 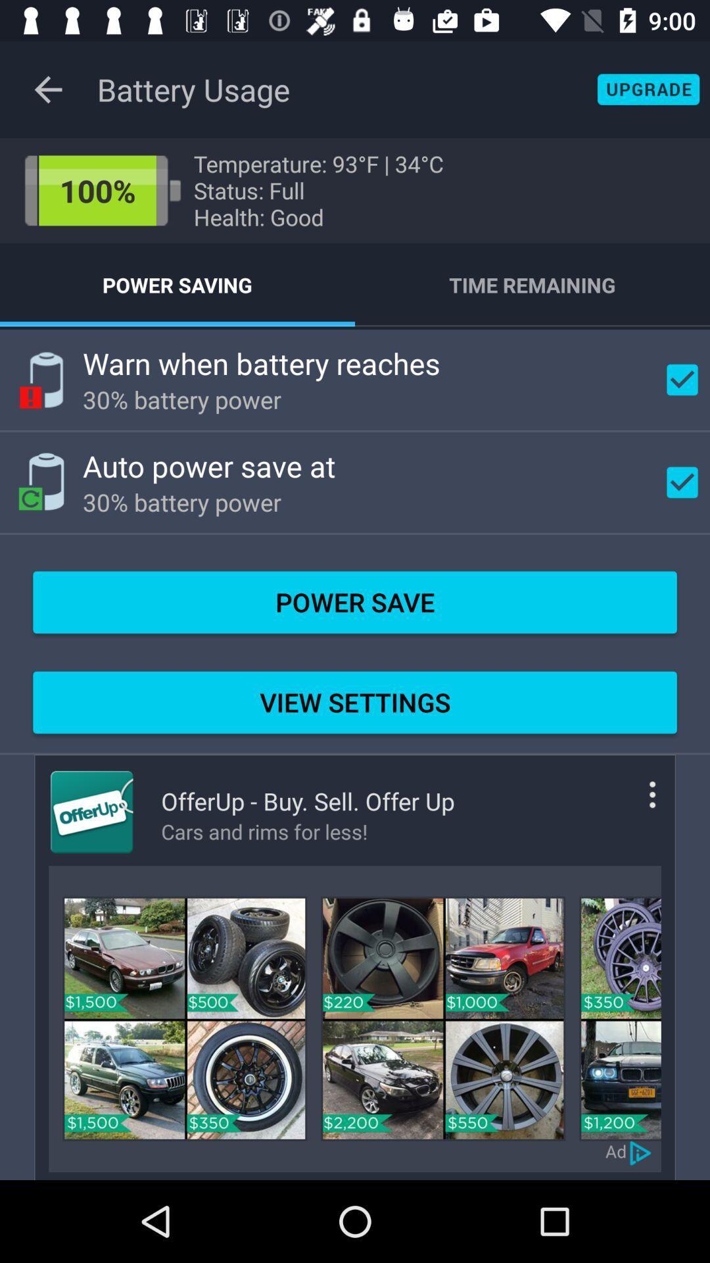 What do you see at coordinates (632, 805) in the screenshot?
I see `the icon below view settings item` at bounding box center [632, 805].